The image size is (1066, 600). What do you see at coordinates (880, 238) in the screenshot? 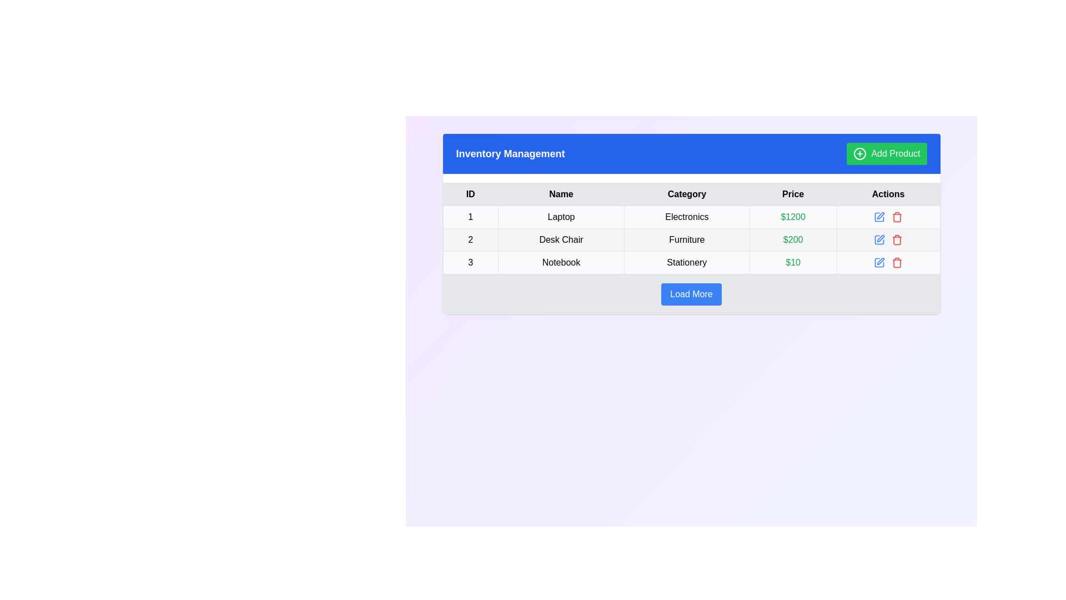
I see `the editing icon button in the Actions column of the table for the Furniture item to initiate an editing action` at bounding box center [880, 238].